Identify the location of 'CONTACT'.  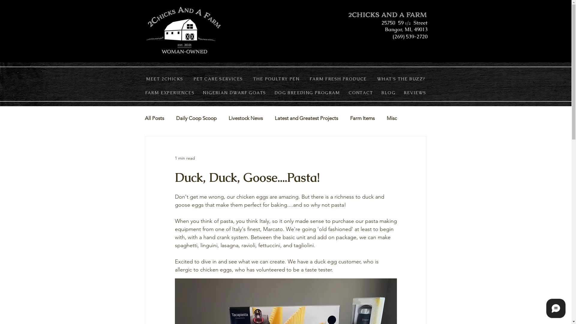
(360, 92).